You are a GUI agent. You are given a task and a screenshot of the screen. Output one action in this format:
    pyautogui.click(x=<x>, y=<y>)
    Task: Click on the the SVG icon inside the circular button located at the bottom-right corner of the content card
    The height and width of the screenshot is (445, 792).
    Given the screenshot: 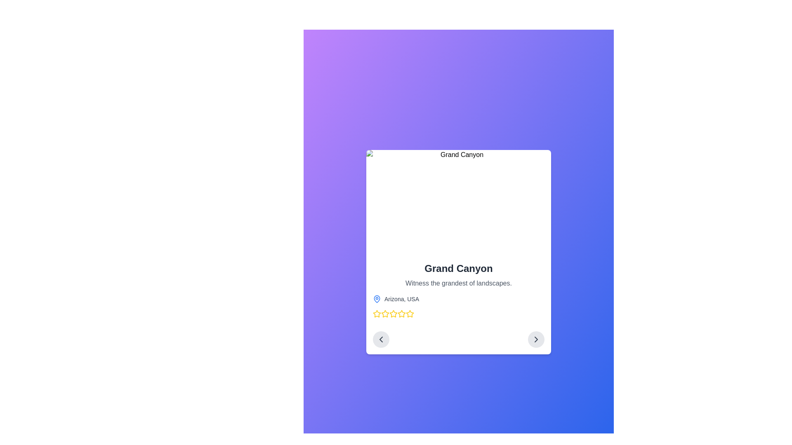 What is the action you would take?
    pyautogui.click(x=536, y=340)
    